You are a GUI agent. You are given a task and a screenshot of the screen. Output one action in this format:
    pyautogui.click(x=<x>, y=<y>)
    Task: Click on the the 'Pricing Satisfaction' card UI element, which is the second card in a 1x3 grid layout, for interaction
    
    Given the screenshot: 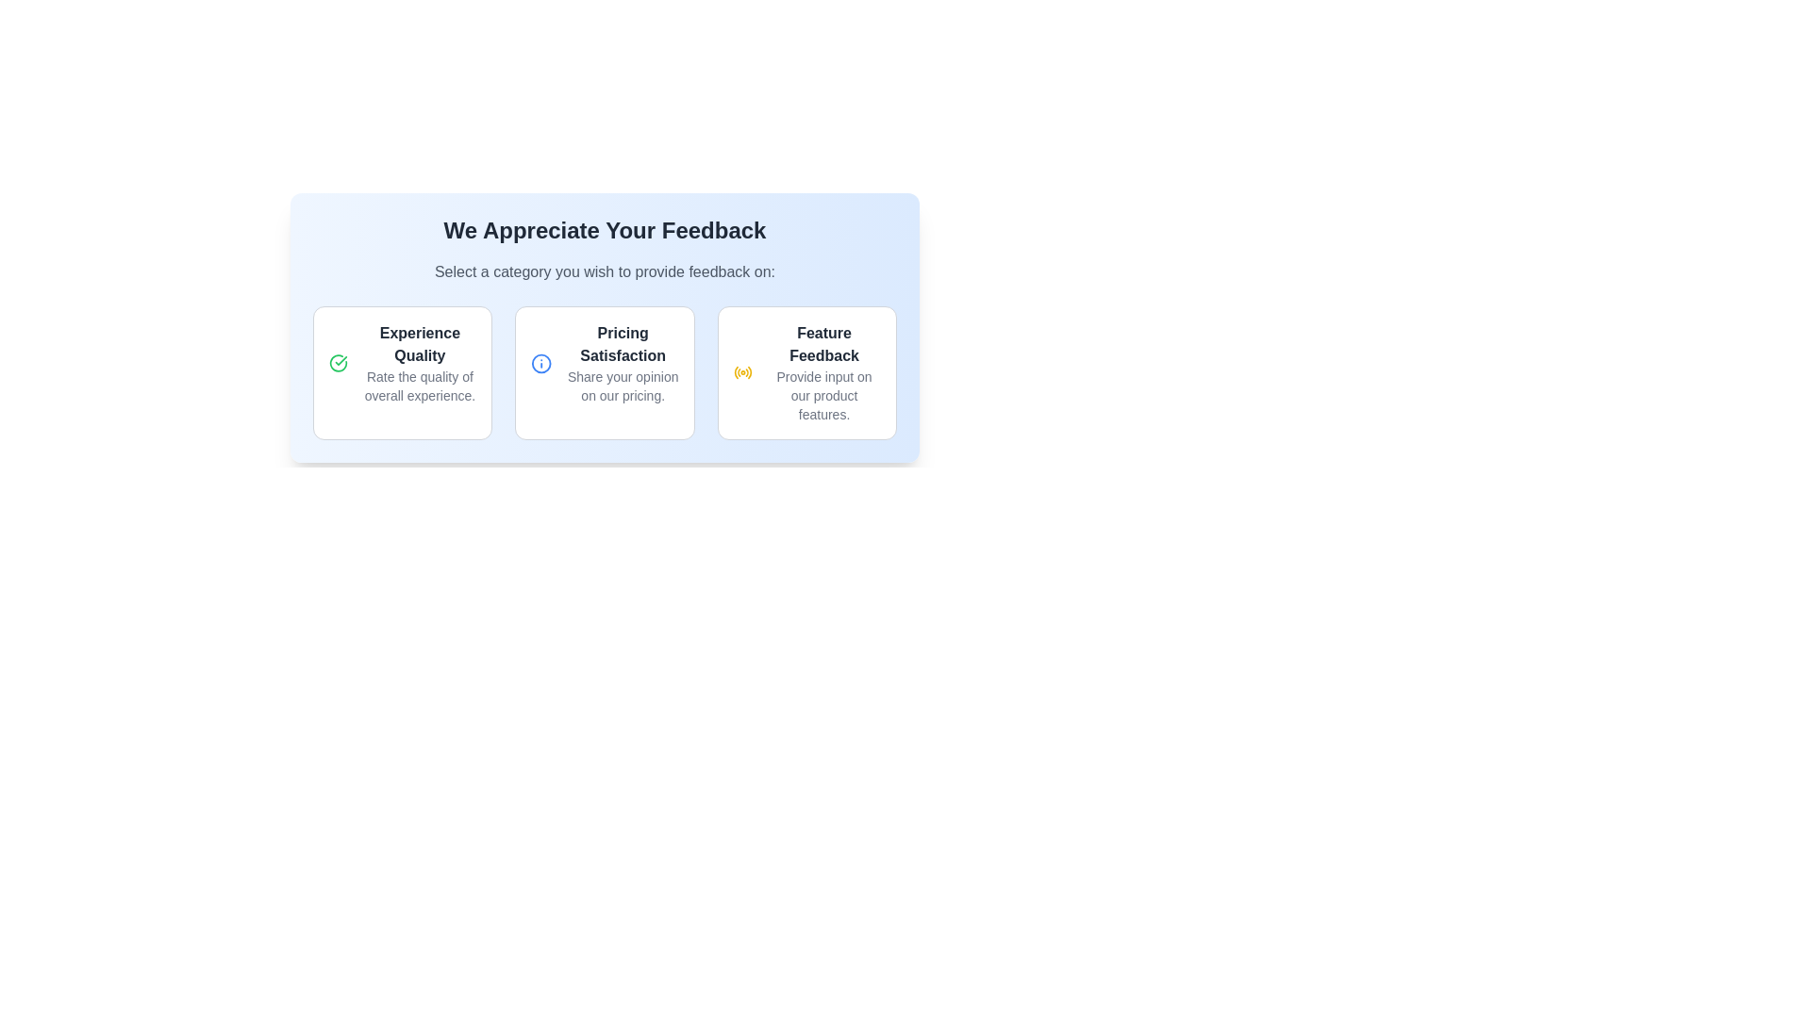 What is the action you would take?
    pyautogui.click(x=605, y=373)
    